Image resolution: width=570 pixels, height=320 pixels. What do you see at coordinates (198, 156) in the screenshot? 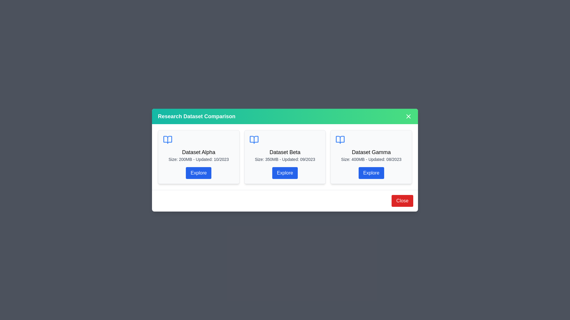
I see `the Dataset Alpha card to focus on its details` at bounding box center [198, 156].